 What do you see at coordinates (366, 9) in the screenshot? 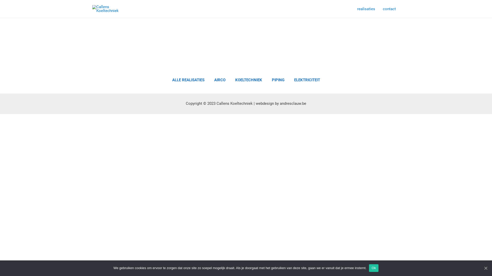
I see `'realisaties'` at bounding box center [366, 9].